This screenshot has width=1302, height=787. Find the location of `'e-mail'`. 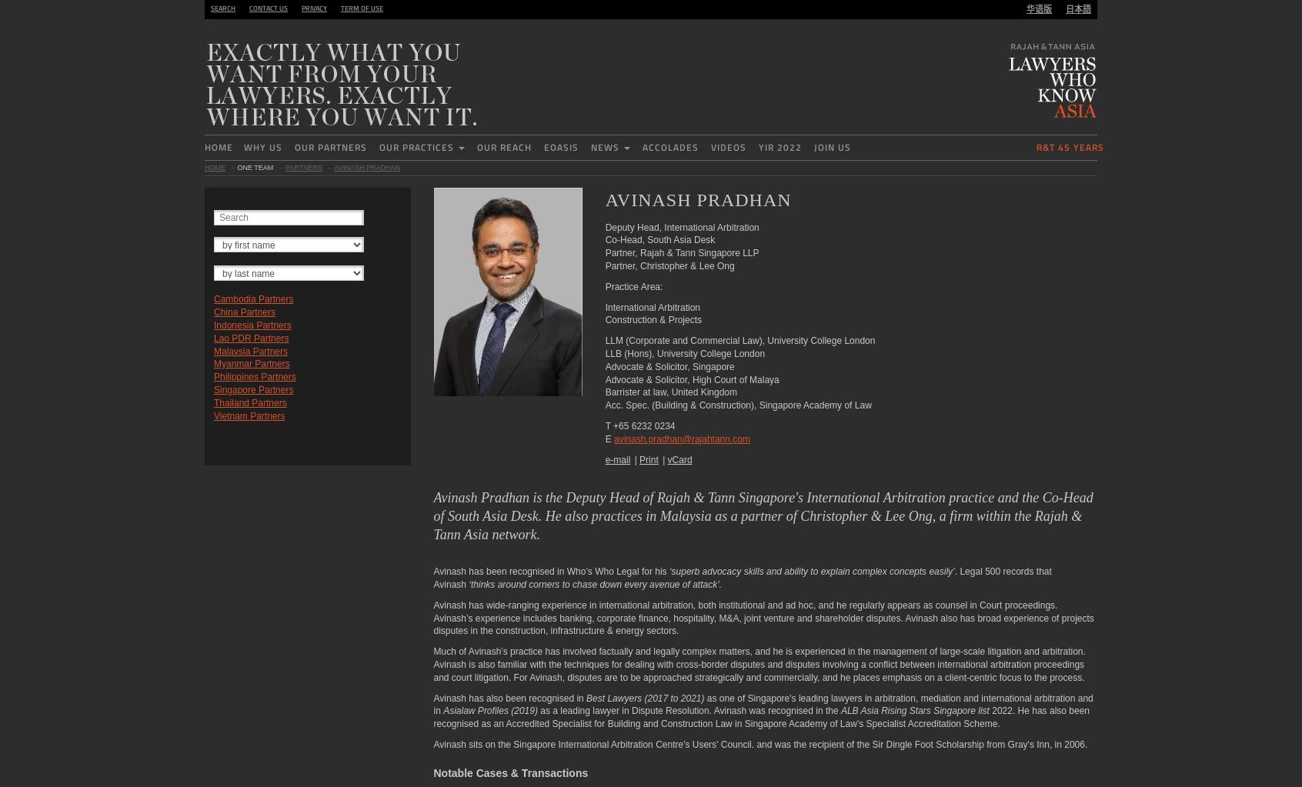

'e-mail' is located at coordinates (617, 459).